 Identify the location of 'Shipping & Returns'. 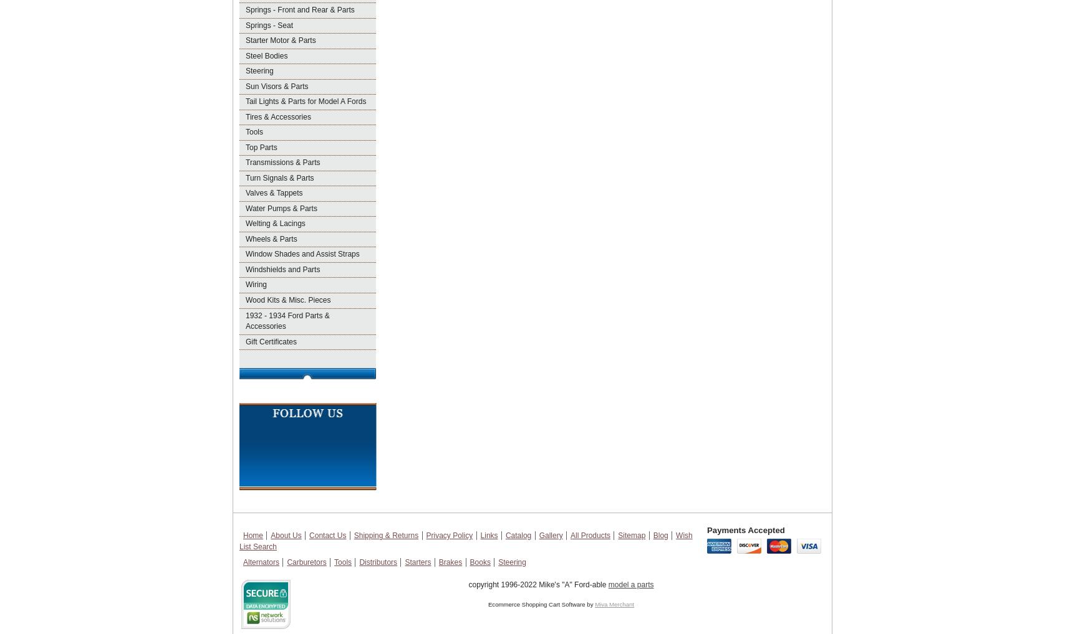
(385, 535).